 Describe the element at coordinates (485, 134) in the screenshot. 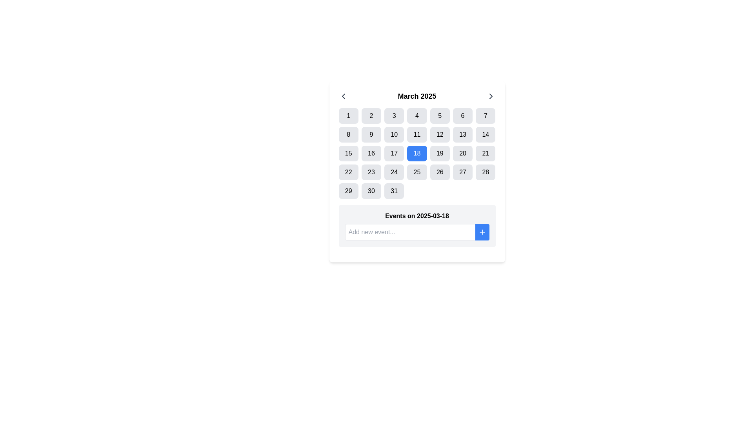

I see `the rounded rectangular button with the number '14'` at that location.